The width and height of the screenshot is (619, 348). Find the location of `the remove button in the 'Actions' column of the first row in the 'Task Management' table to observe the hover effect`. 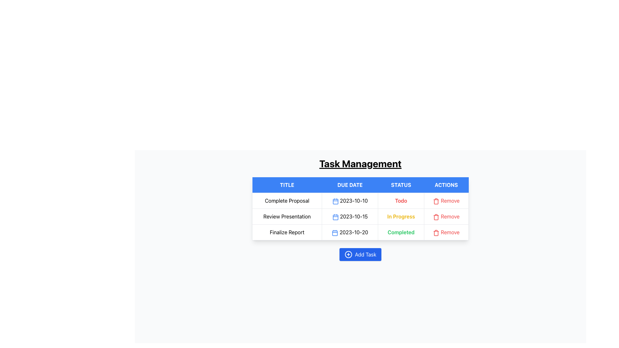

the remove button in the 'Actions' column of the first row in the 'Task Management' table to observe the hover effect is located at coordinates (446, 200).